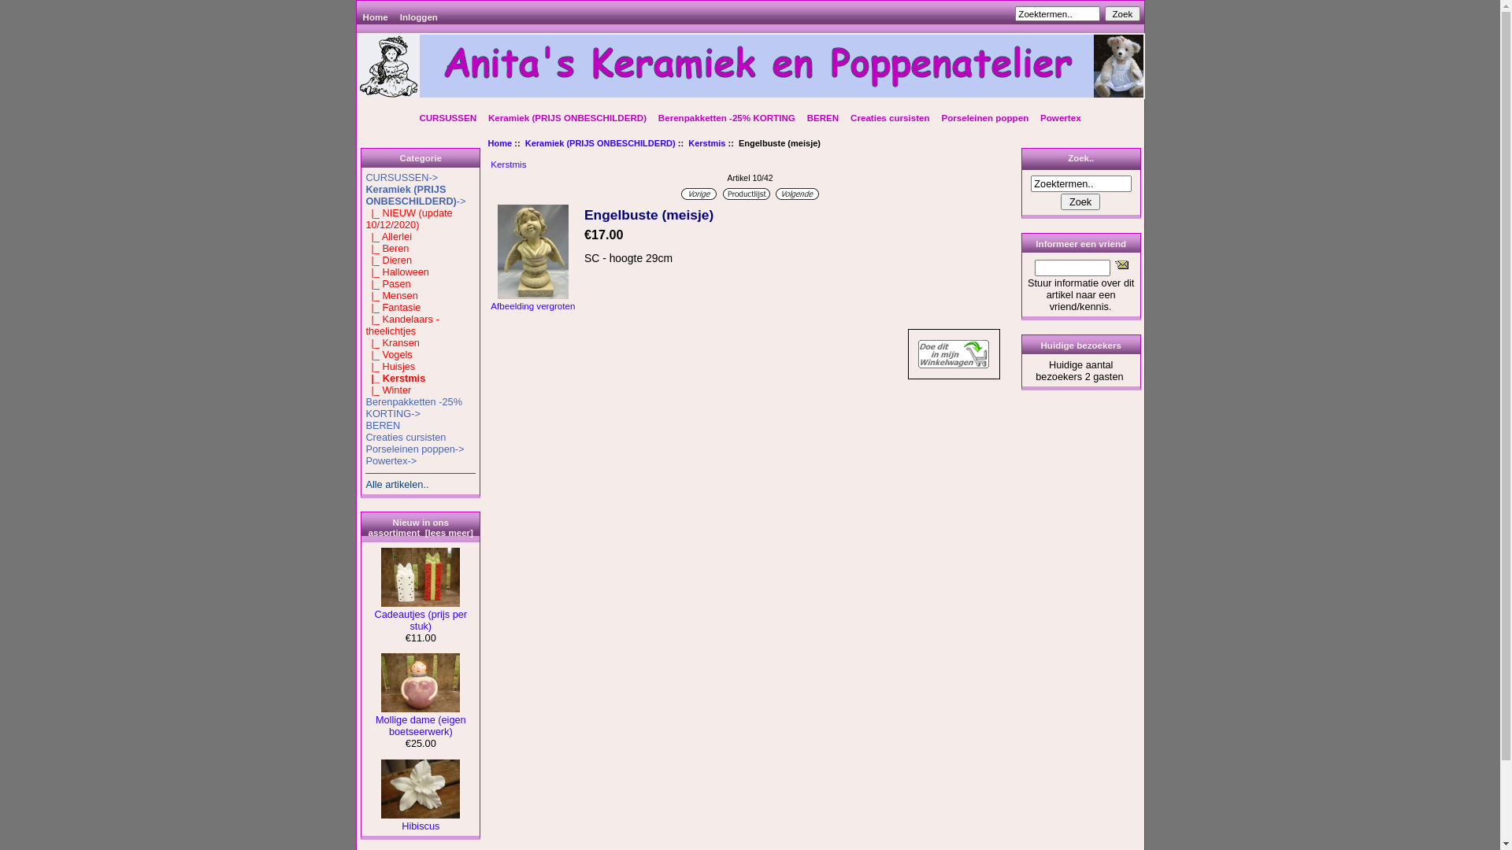 The height and width of the screenshot is (850, 1512). I want to click on 'Powertex->', so click(391, 460).